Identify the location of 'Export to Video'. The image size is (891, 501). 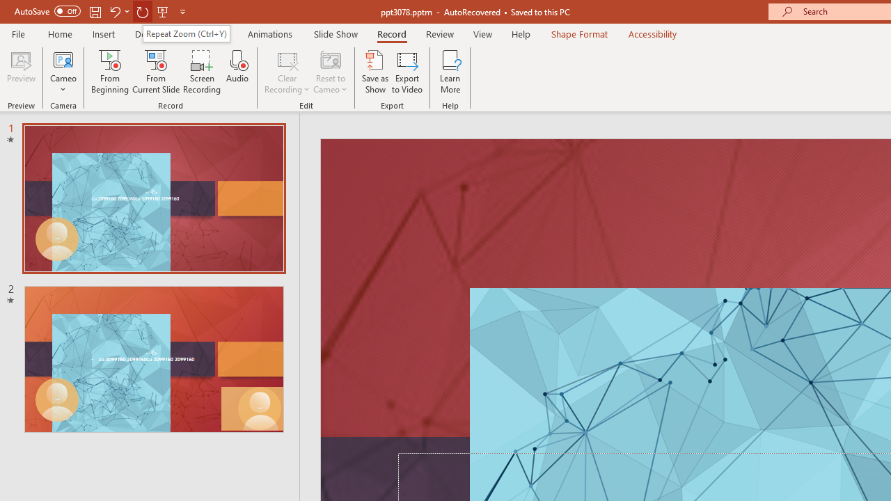
(407, 72).